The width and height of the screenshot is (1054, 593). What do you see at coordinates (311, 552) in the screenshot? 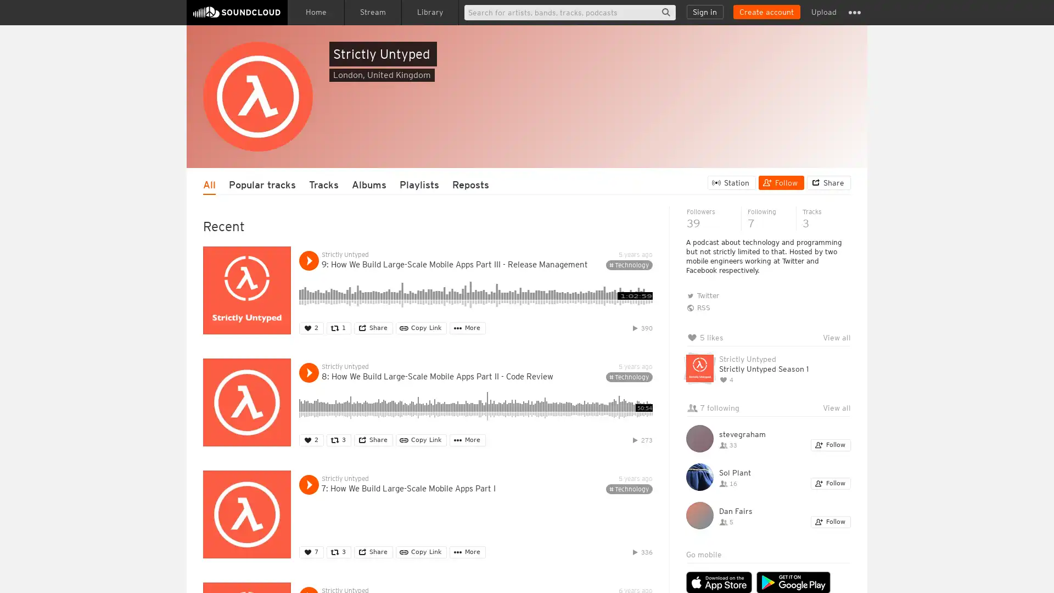
I see `Like` at bounding box center [311, 552].